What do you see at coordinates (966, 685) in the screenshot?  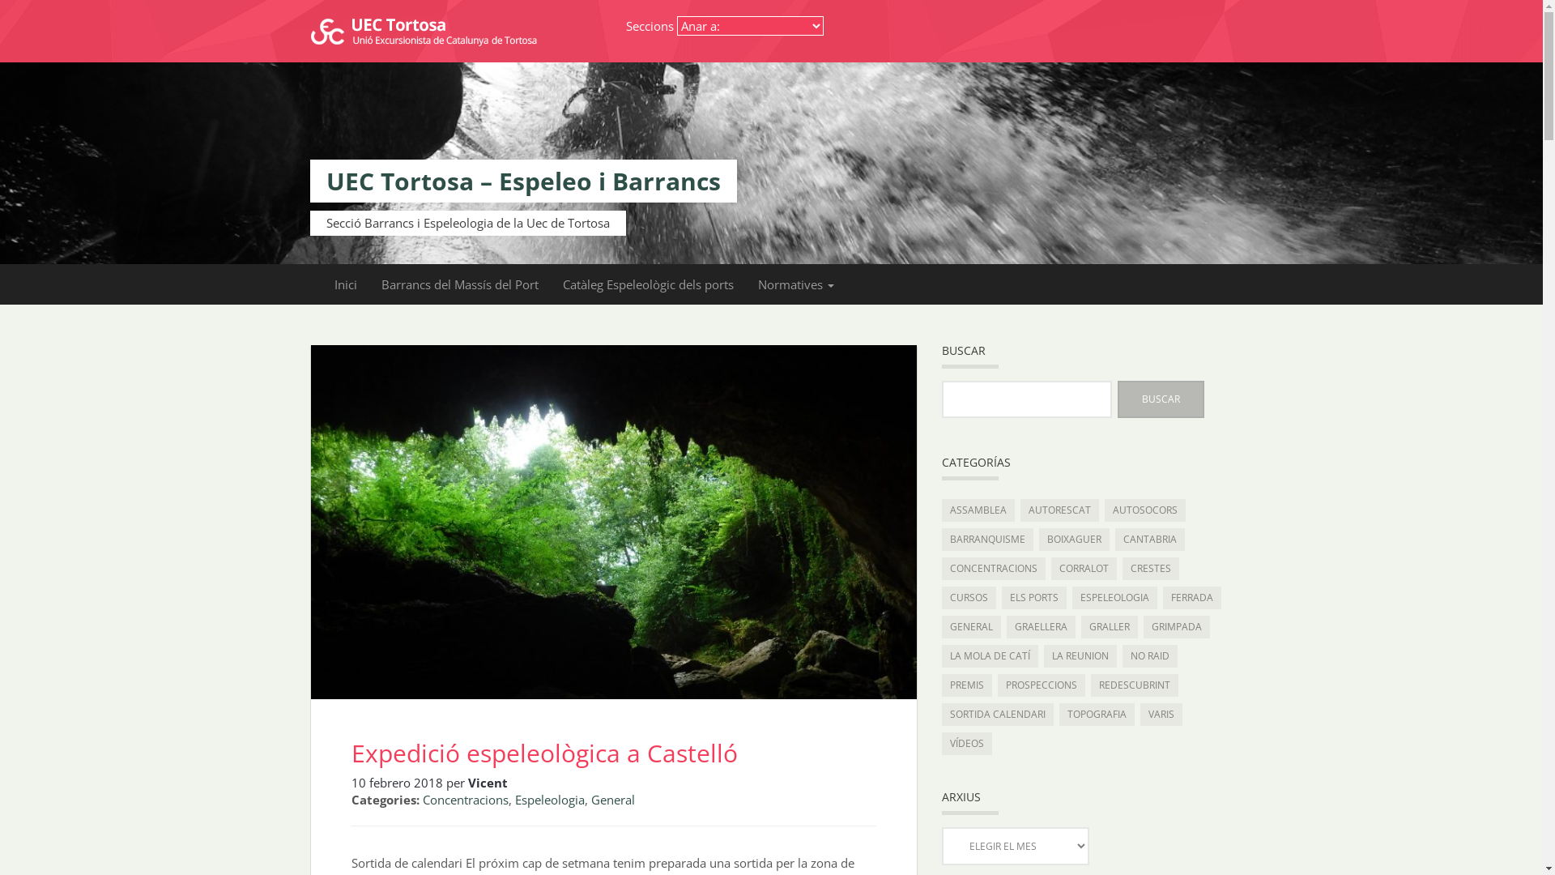 I see `'PREMIS'` at bounding box center [966, 685].